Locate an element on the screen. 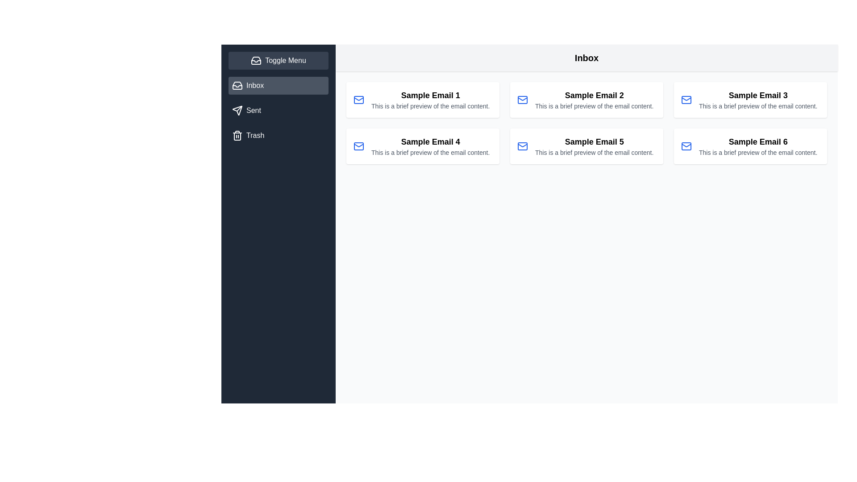 The width and height of the screenshot is (857, 482). the navigation menu button that accesses the inbox section, located at the top of the vertical list in the left sidebar is located at coordinates (278, 86).